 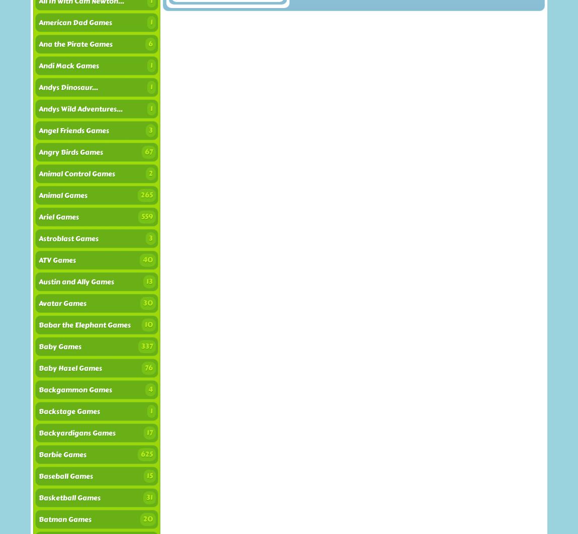 I want to click on 'Baby Hazel Games', so click(x=69, y=368).